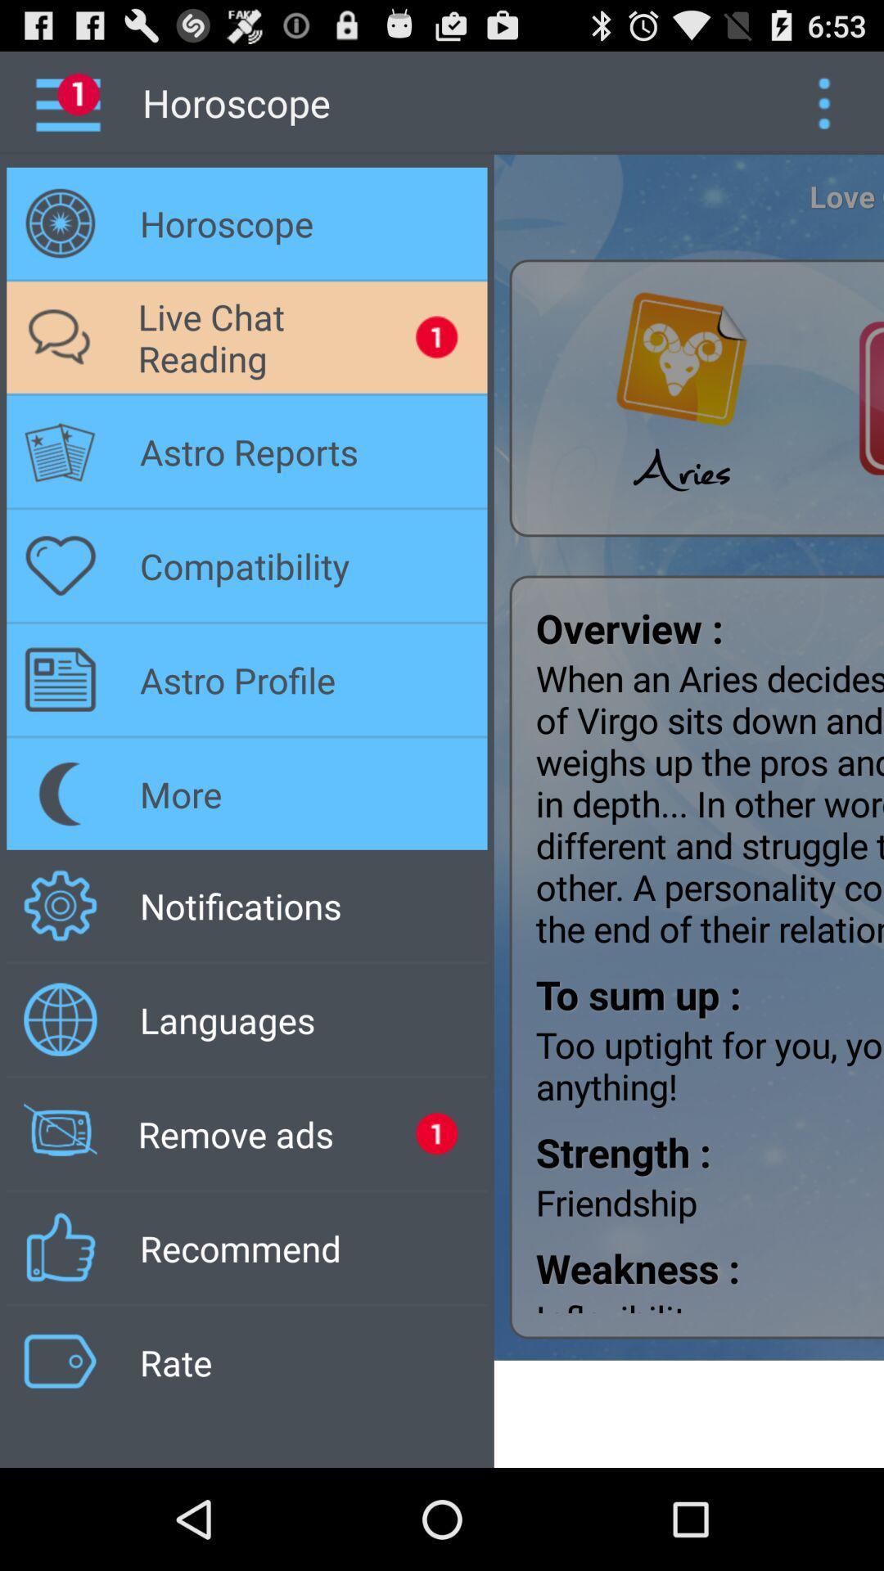 The width and height of the screenshot is (884, 1571). Describe the element at coordinates (823, 101) in the screenshot. I see `menu` at that location.